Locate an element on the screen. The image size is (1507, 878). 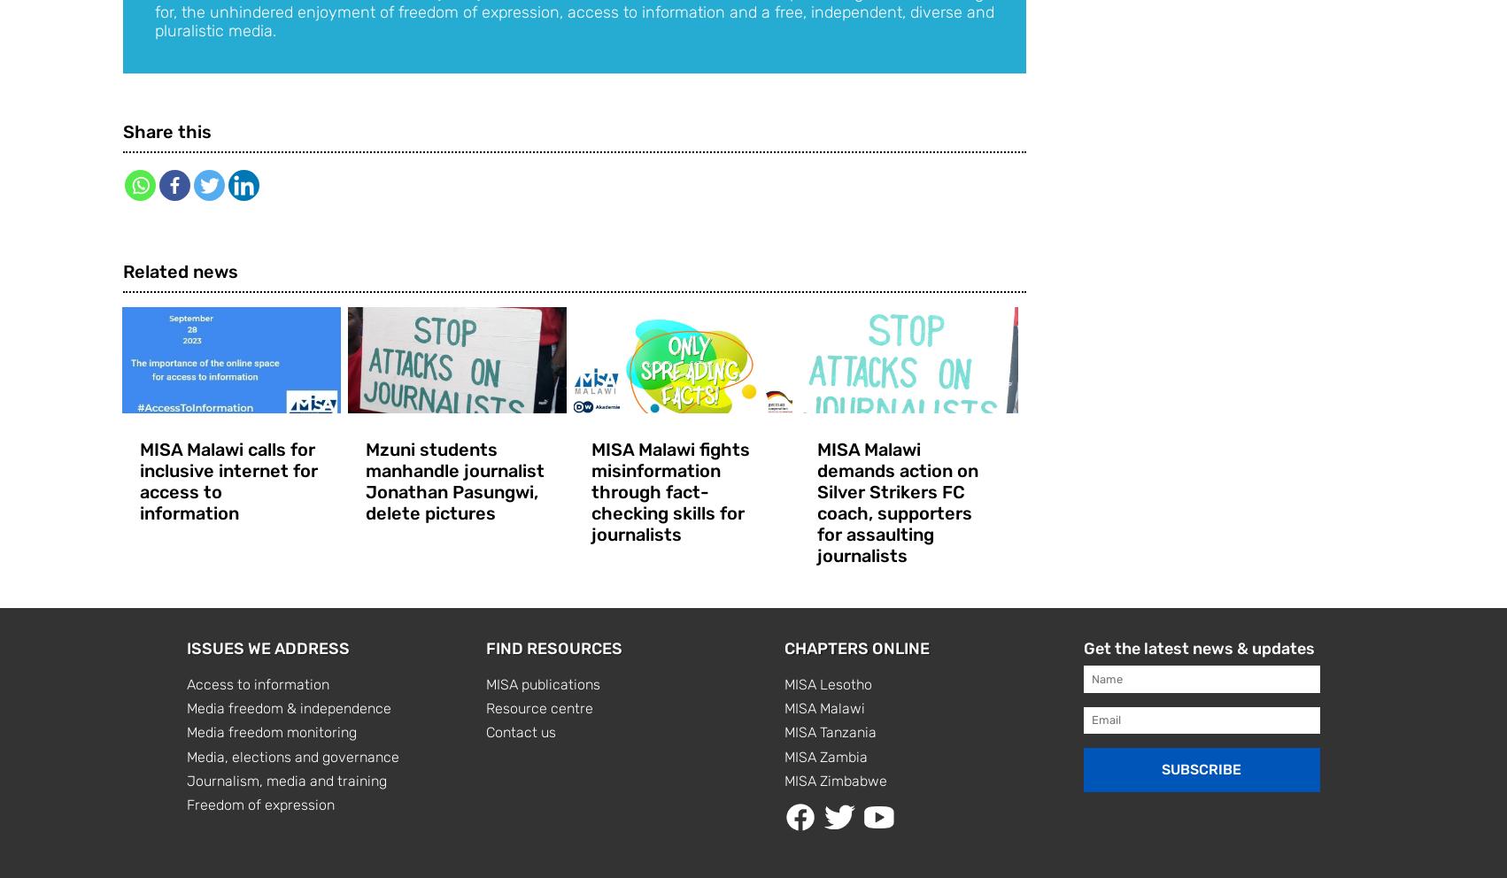
'Contact us' is located at coordinates (520, 731).